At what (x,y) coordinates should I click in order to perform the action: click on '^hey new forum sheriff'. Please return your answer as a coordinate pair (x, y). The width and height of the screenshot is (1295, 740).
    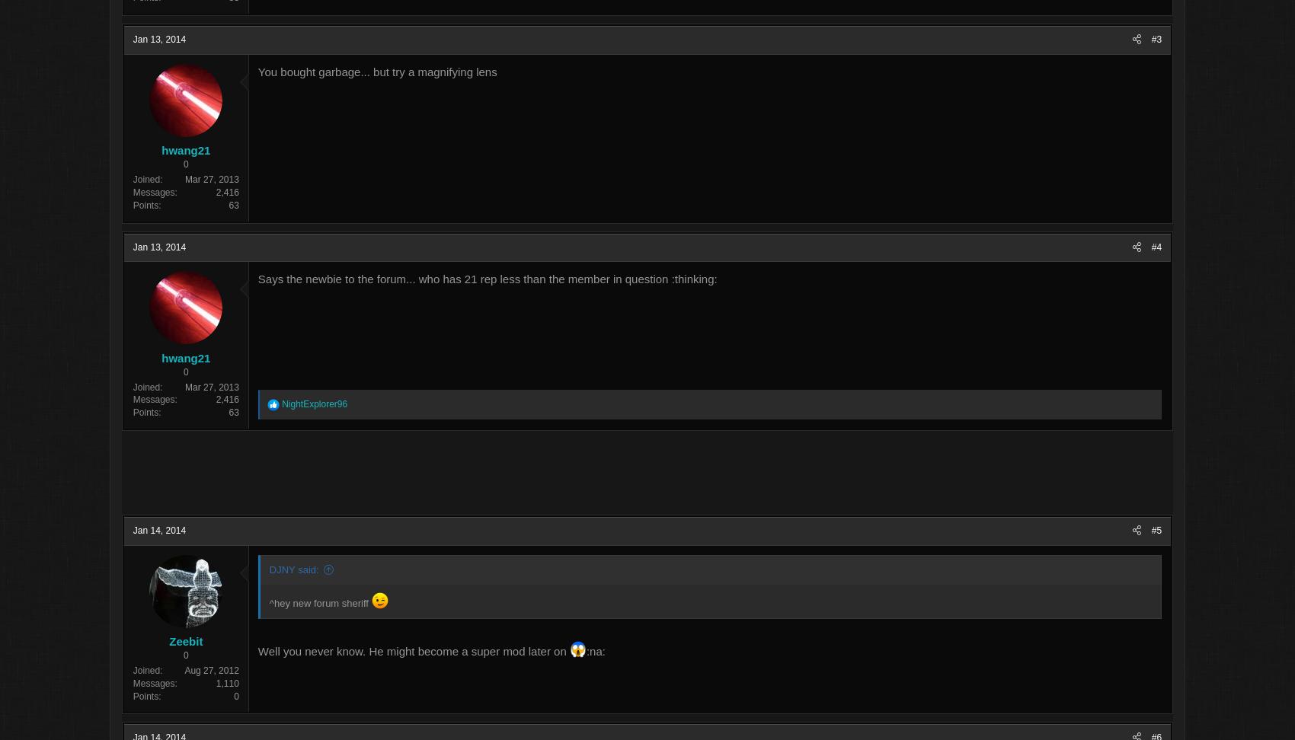
    Looking at the image, I should click on (402, 604).